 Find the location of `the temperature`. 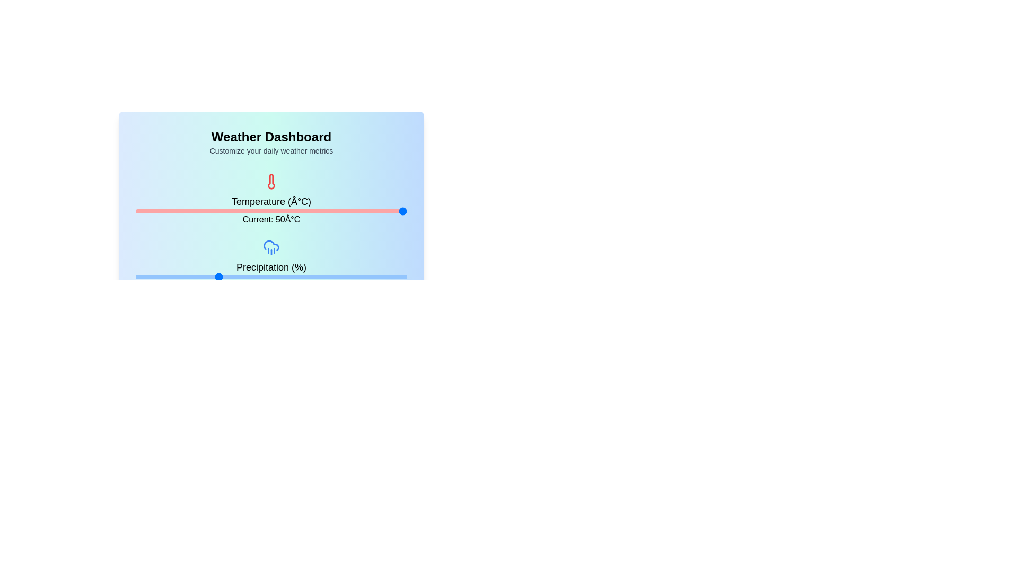

the temperature is located at coordinates (158, 211).